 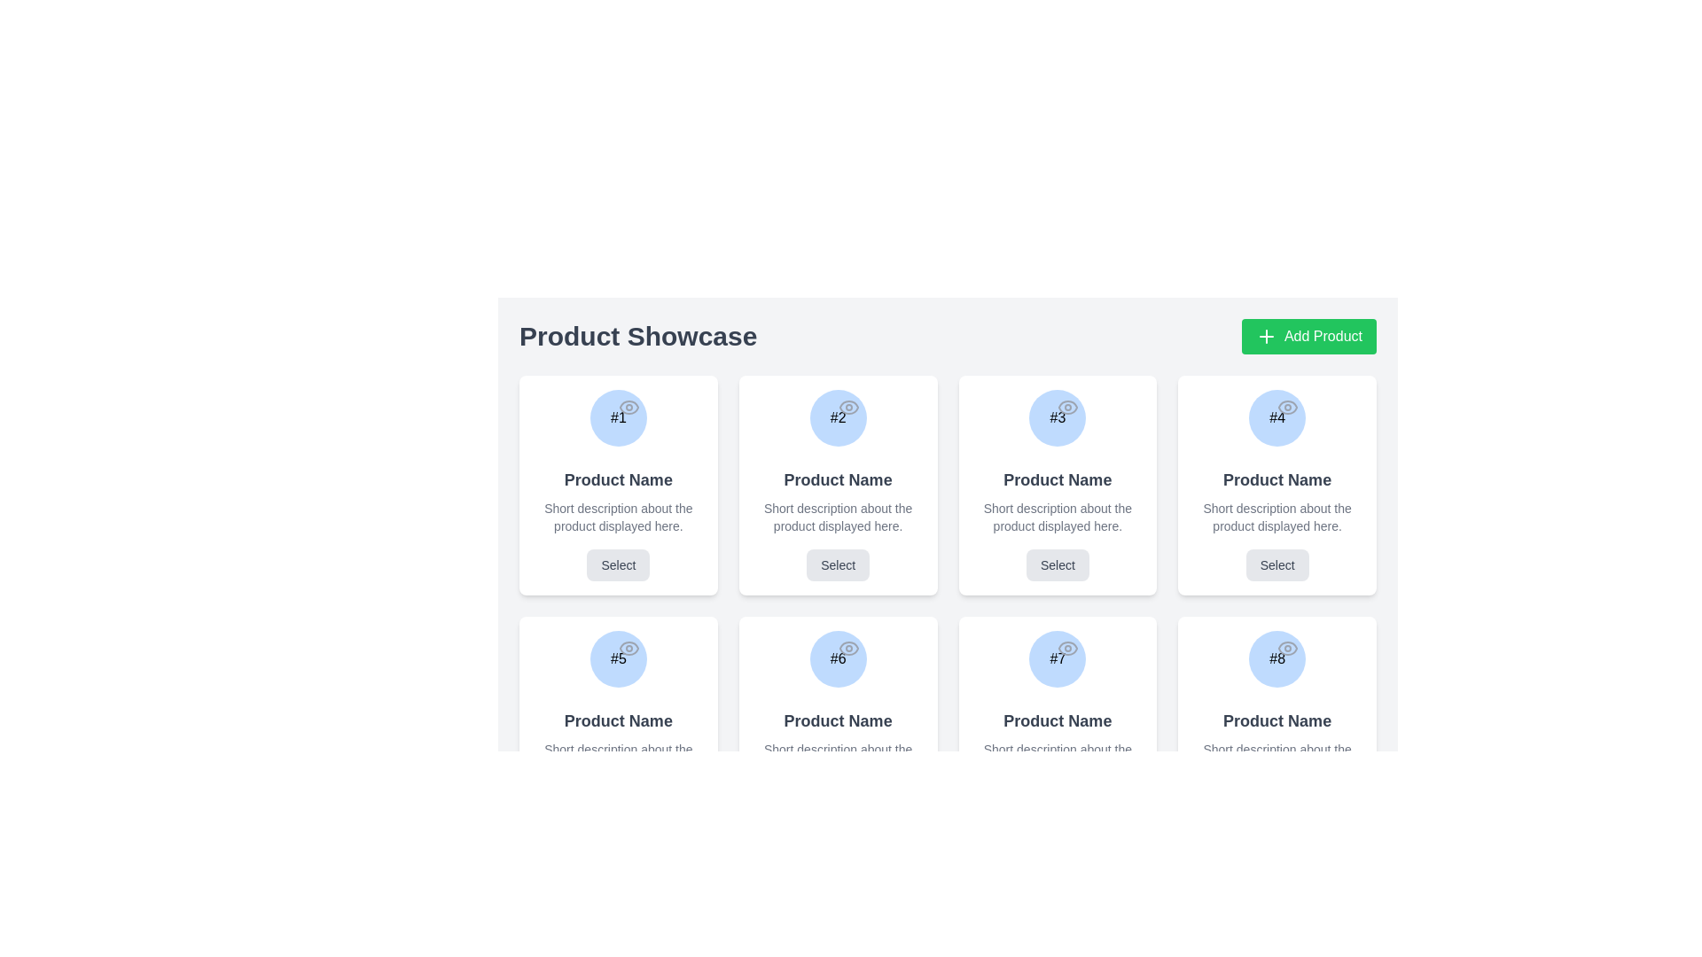 I want to click on product description of the Card Component, which is the second card in the grid layout featuring a white background, rounded corners, and a button labeled 'Select', so click(x=837, y=485).